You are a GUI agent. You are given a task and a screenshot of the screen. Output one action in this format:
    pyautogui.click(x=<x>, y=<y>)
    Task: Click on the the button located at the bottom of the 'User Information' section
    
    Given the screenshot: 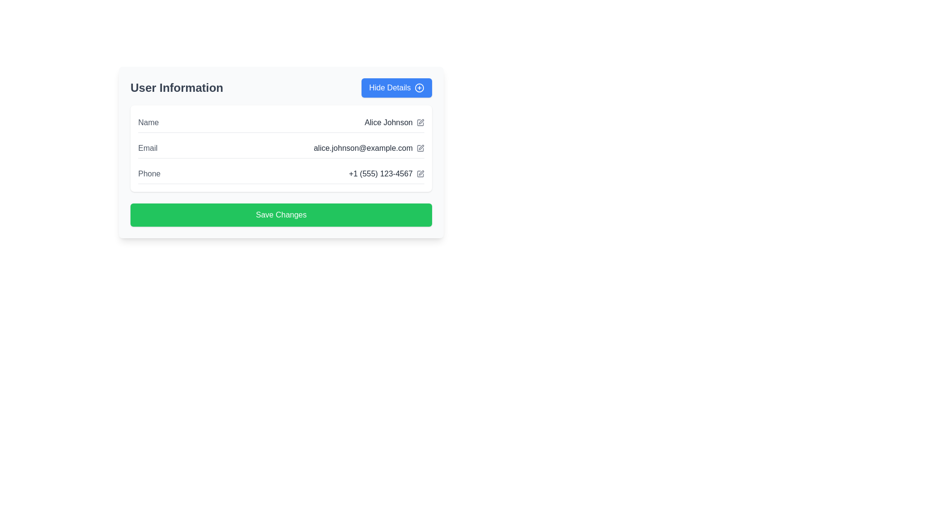 What is the action you would take?
    pyautogui.click(x=280, y=214)
    